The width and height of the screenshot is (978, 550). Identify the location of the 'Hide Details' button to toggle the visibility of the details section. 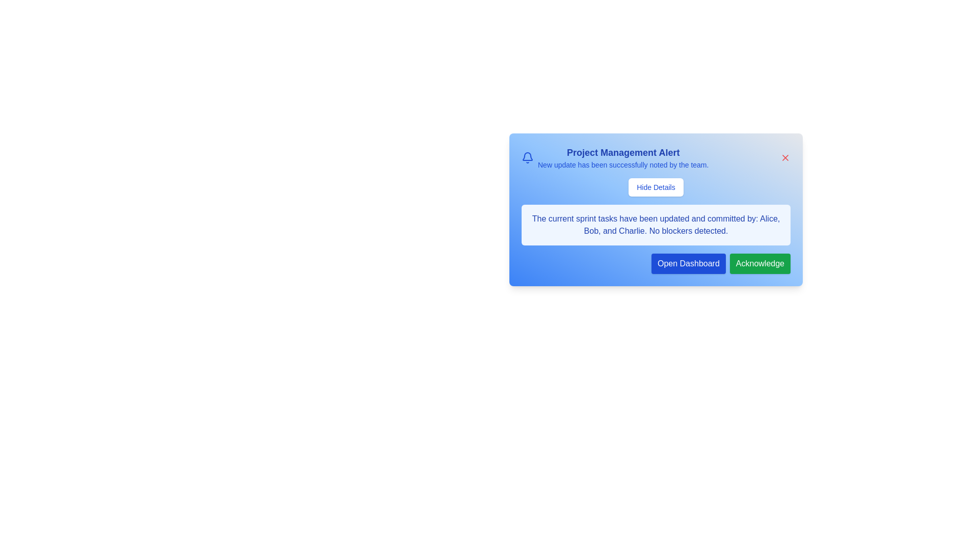
(656, 187).